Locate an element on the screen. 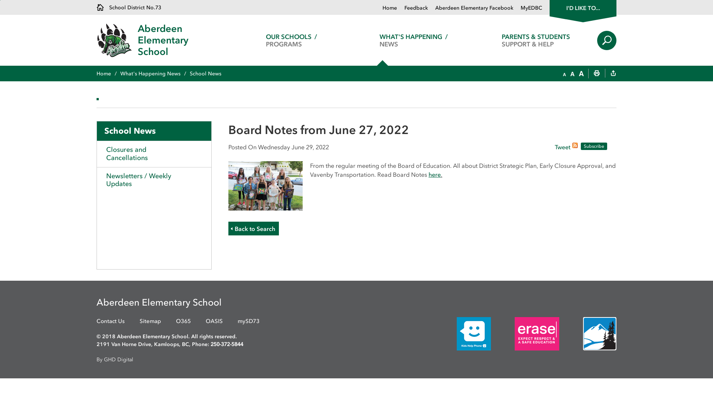 This screenshot has width=713, height=401. 'What's Happening News' is located at coordinates (154, 74).